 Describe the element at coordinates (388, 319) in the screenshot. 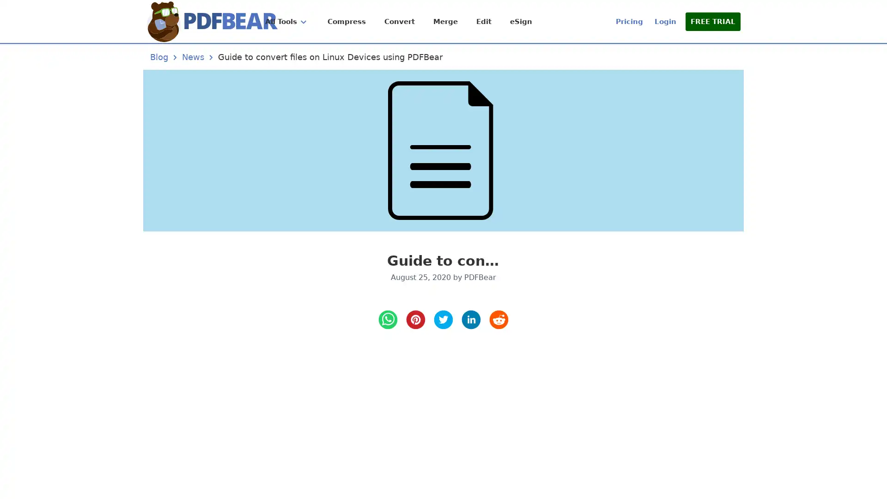

I see `Whatsapp` at that location.